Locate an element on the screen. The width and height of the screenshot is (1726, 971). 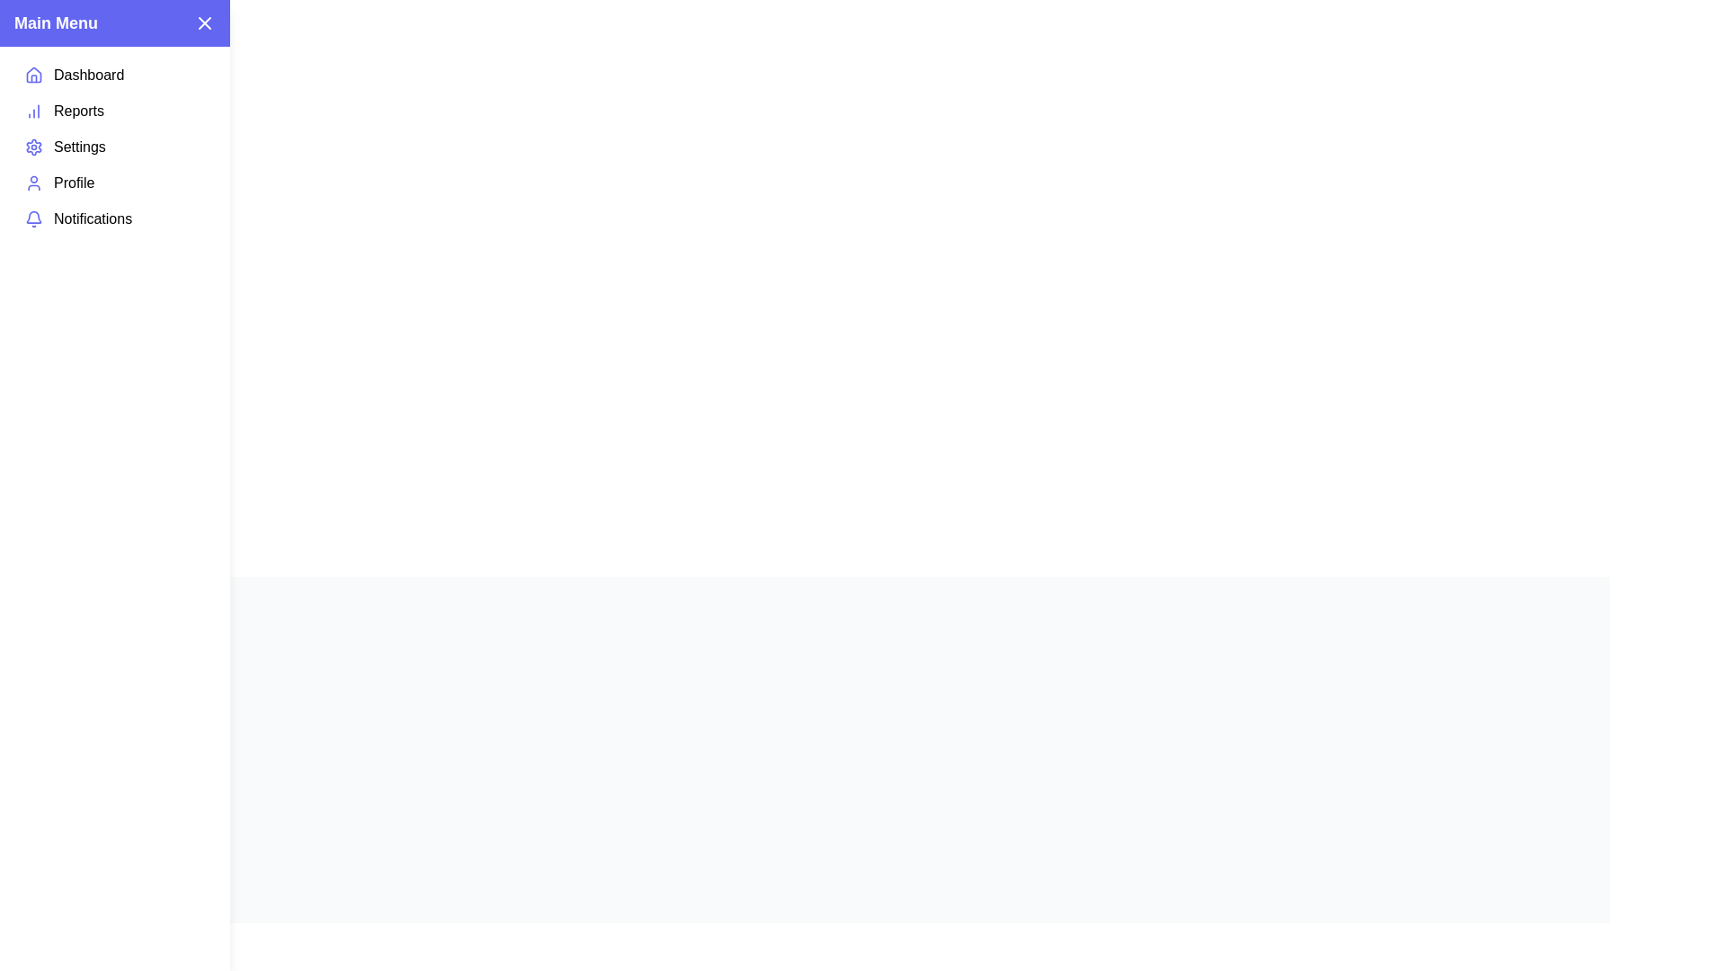
the interactive close button (an 'X' symbol) located in the upper right corner of the blue header bar labeled 'Main Menu' is located at coordinates (204, 23).